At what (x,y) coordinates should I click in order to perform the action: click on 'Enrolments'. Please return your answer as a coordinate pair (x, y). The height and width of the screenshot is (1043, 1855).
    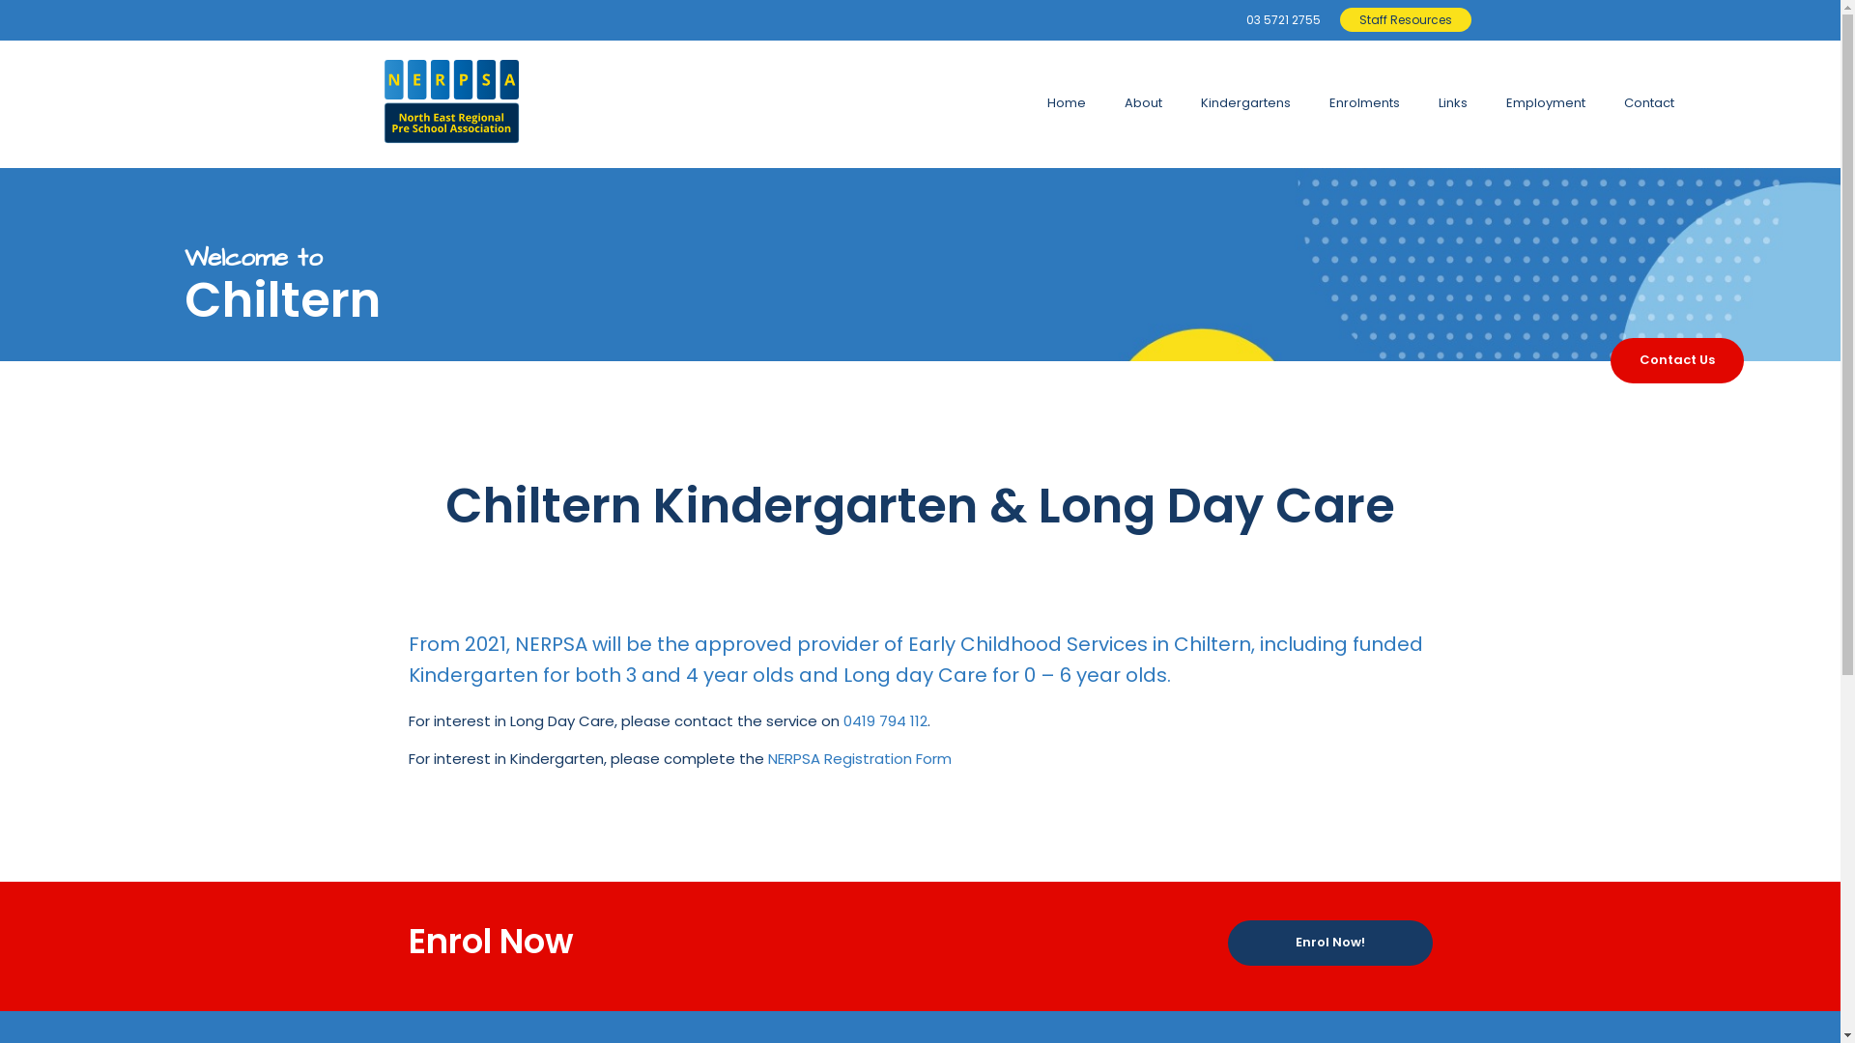
    Looking at the image, I should click on (1363, 102).